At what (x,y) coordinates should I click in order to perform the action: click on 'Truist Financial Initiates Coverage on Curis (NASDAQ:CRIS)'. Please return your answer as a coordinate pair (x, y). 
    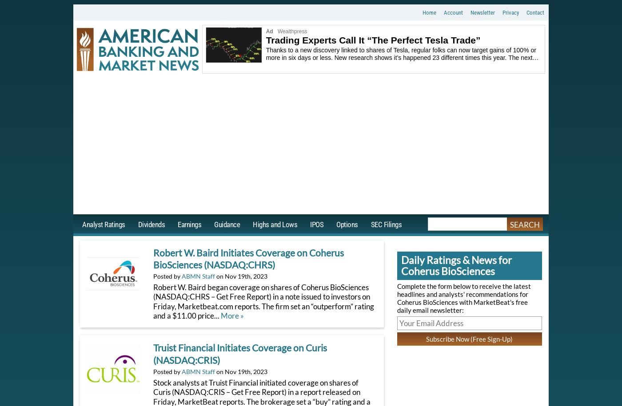
    Looking at the image, I should click on (240, 353).